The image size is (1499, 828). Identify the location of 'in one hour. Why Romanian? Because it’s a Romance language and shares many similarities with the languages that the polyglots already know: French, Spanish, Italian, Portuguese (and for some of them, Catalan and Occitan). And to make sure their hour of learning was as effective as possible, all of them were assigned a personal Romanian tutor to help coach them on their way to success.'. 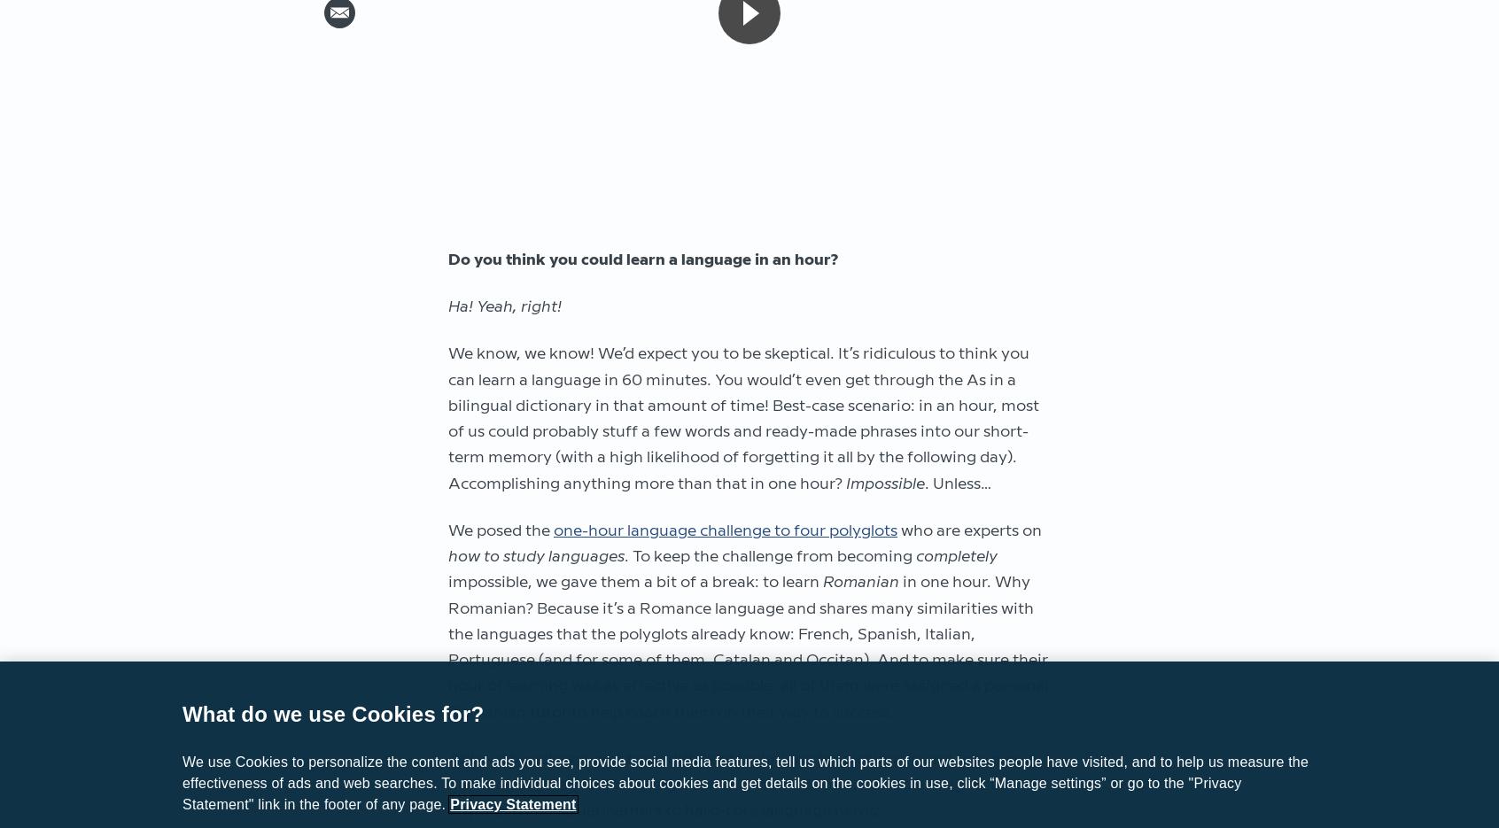
(748, 646).